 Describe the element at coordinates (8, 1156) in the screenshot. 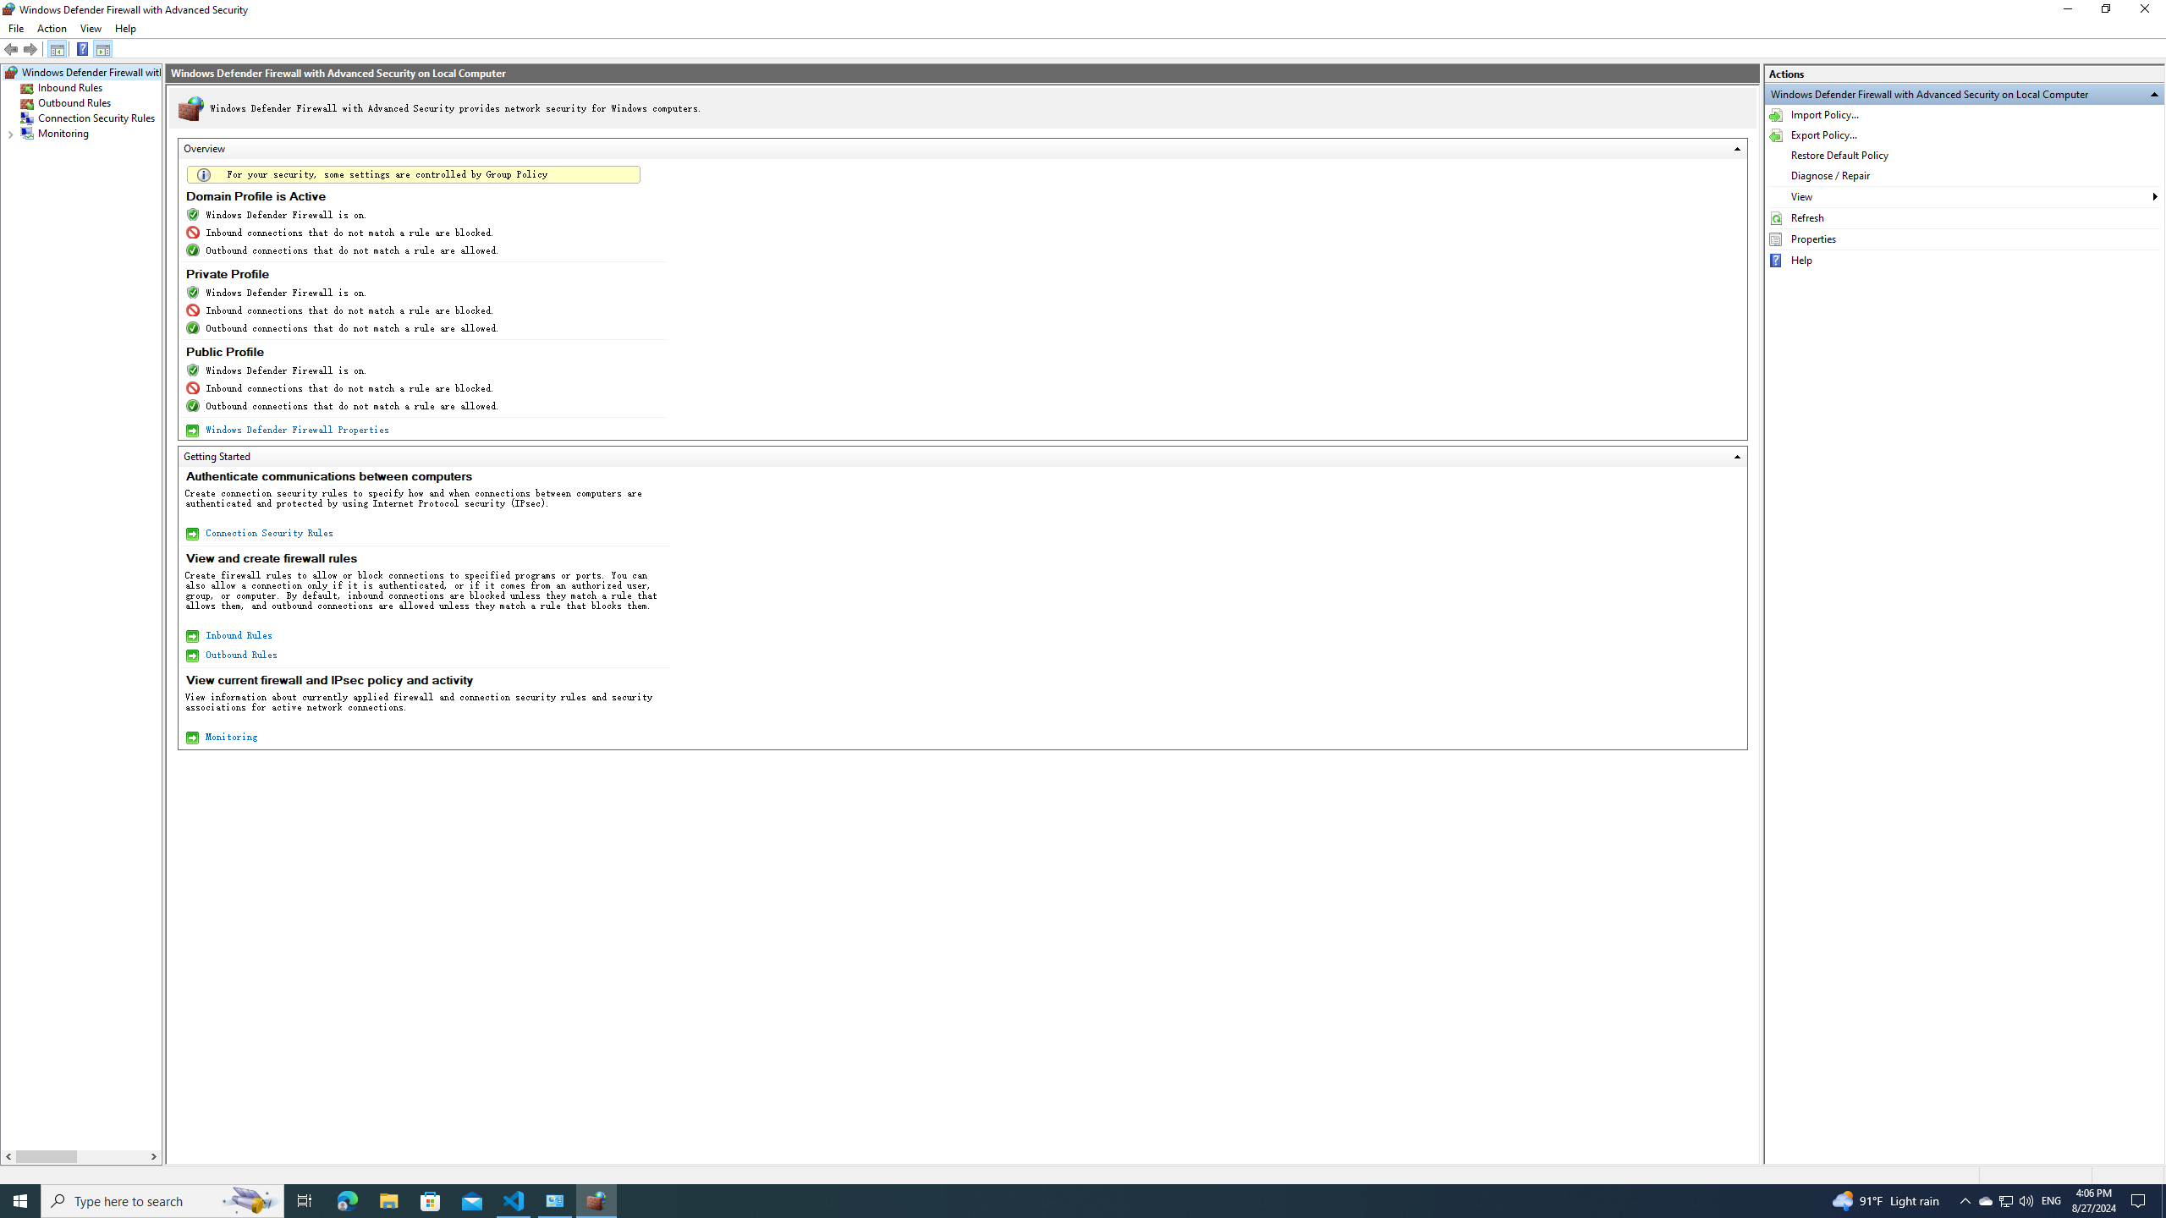

I see `'Column left'` at that location.